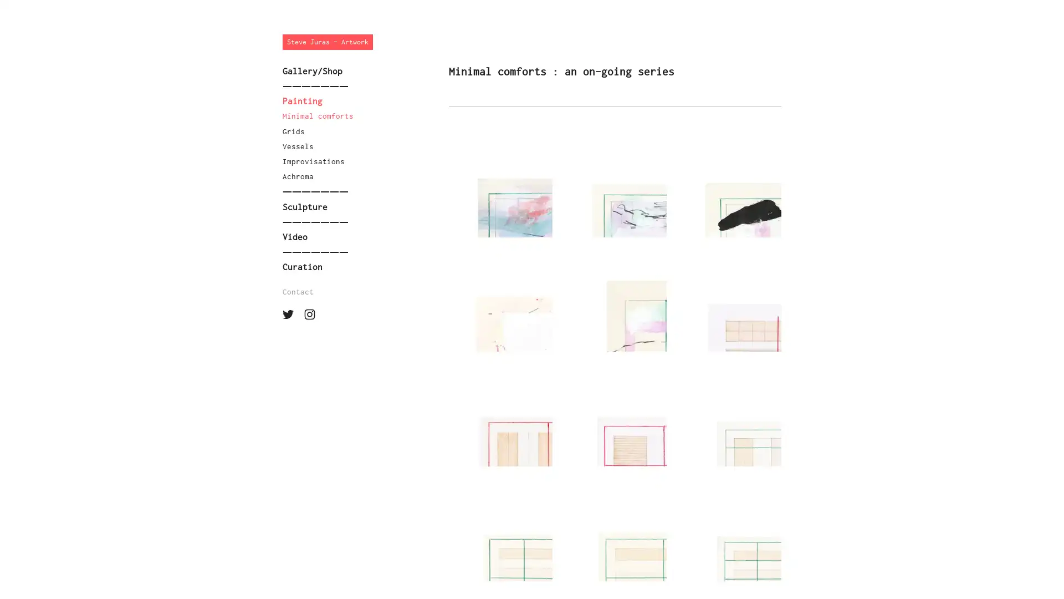 The width and height of the screenshot is (1064, 599). What do you see at coordinates (499, 538) in the screenshot?
I see `View fullsize Kuss des Lebens` at bounding box center [499, 538].